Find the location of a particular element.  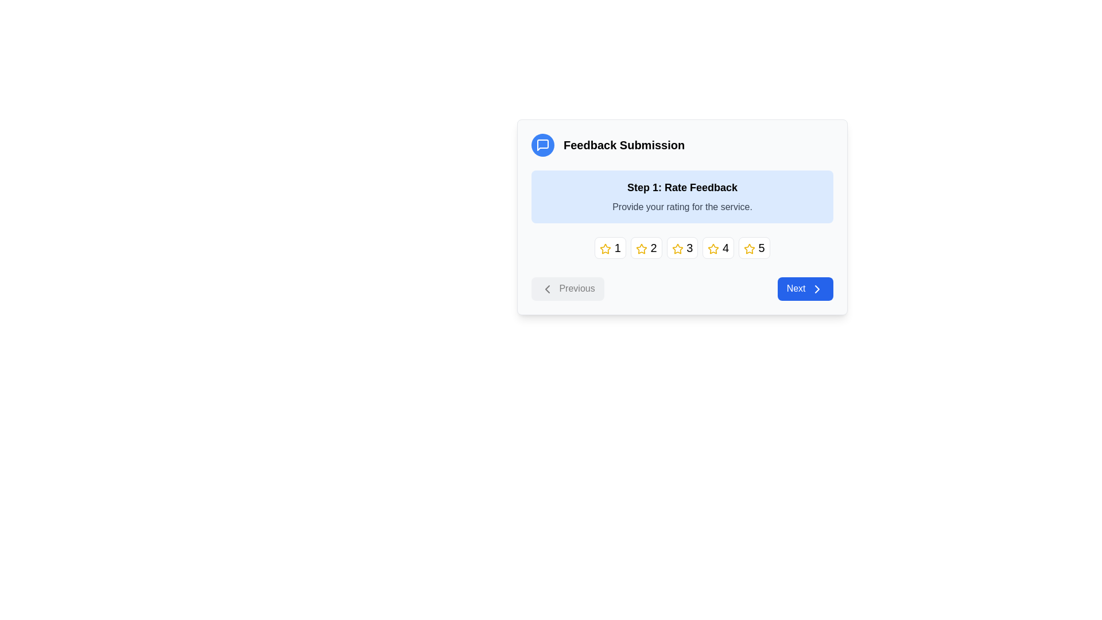

the decorative star icon, which is styled with a yellow fill and outlined in a bold stroke, located inside the button labeled '2' in the rating options is located at coordinates (641, 248).